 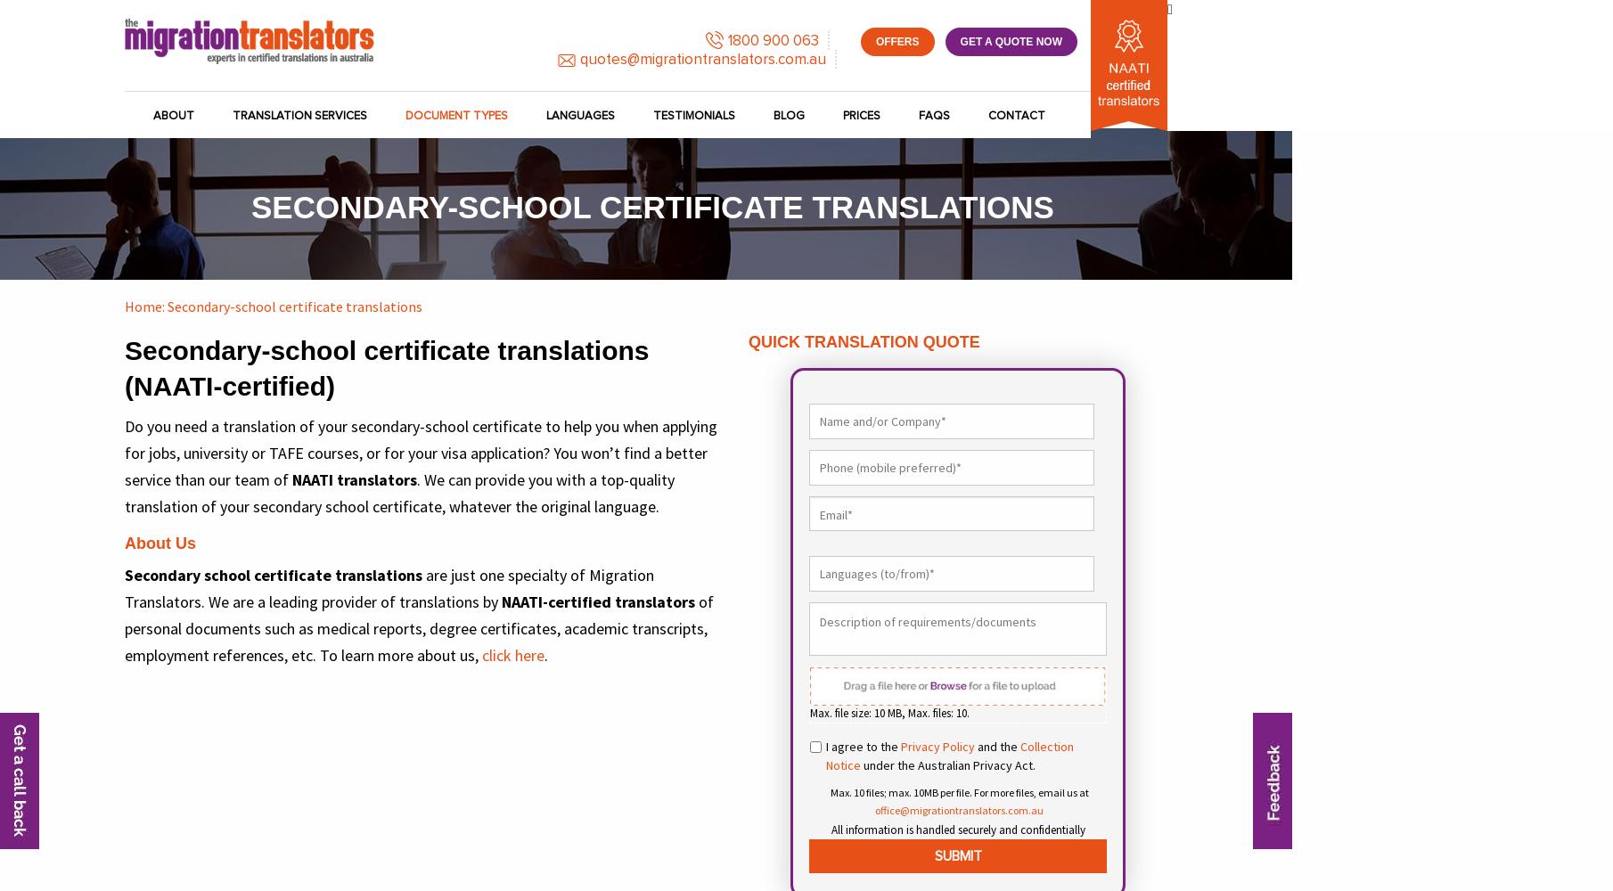 What do you see at coordinates (748, 342) in the screenshot?
I see `'Quick Translation Quote'` at bounding box center [748, 342].